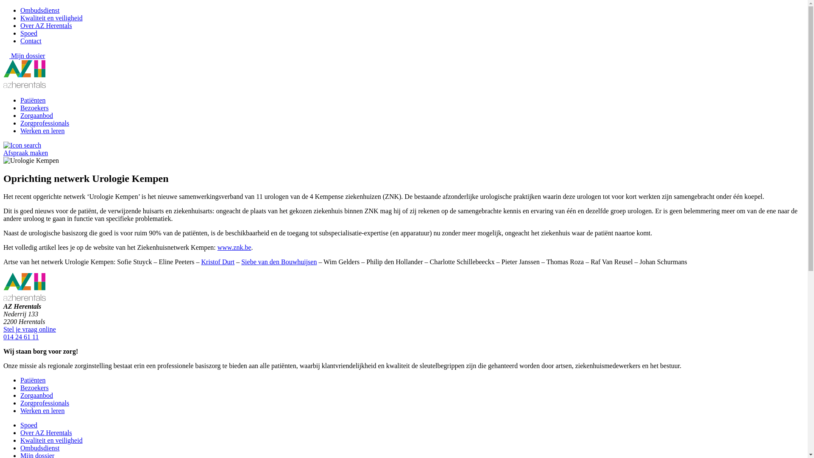 The height and width of the screenshot is (458, 814). I want to click on 'Werken en leren', so click(20, 410).